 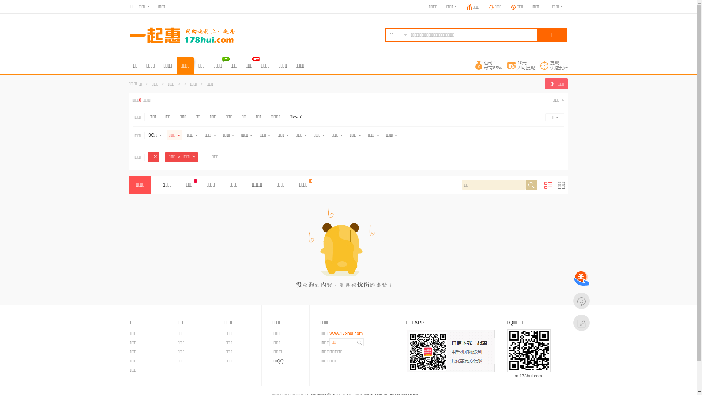 What do you see at coordinates (329, 333) in the screenshot?
I see `'www.178hui.com'` at bounding box center [329, 333].